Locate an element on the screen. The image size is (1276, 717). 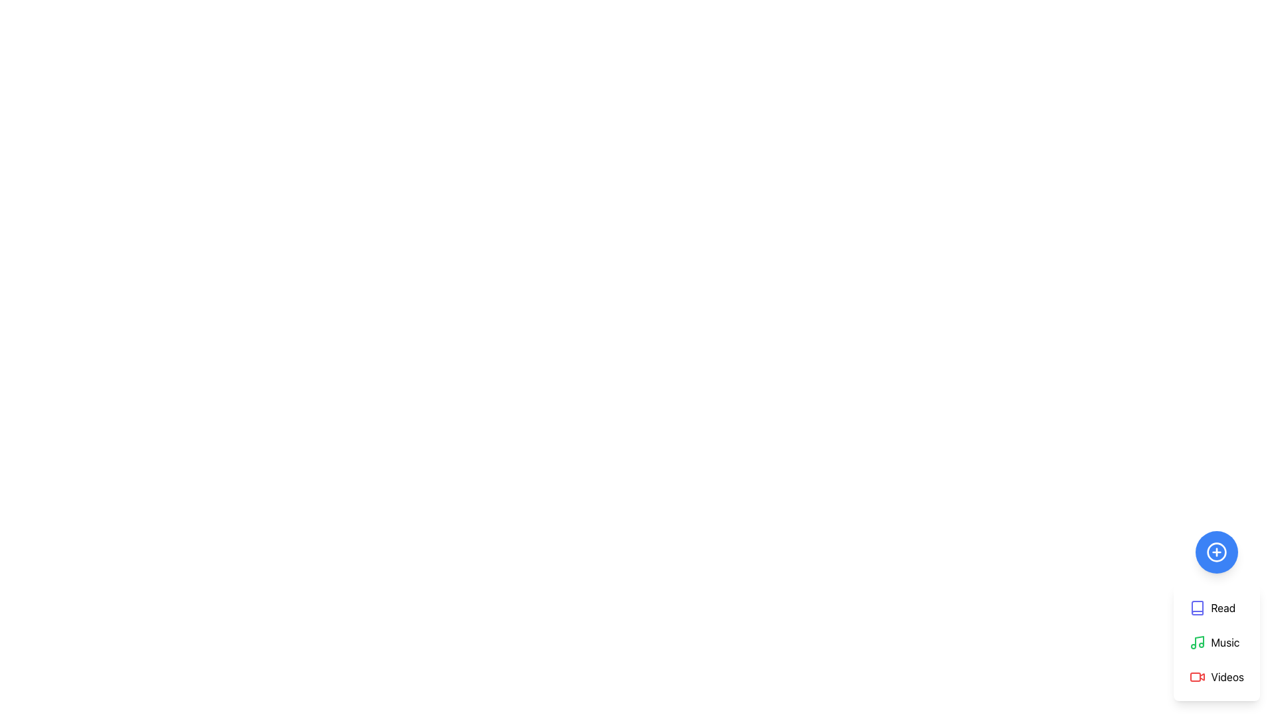
the 'Music' text label in the vertical menu is located at coordinates (1224, 642).